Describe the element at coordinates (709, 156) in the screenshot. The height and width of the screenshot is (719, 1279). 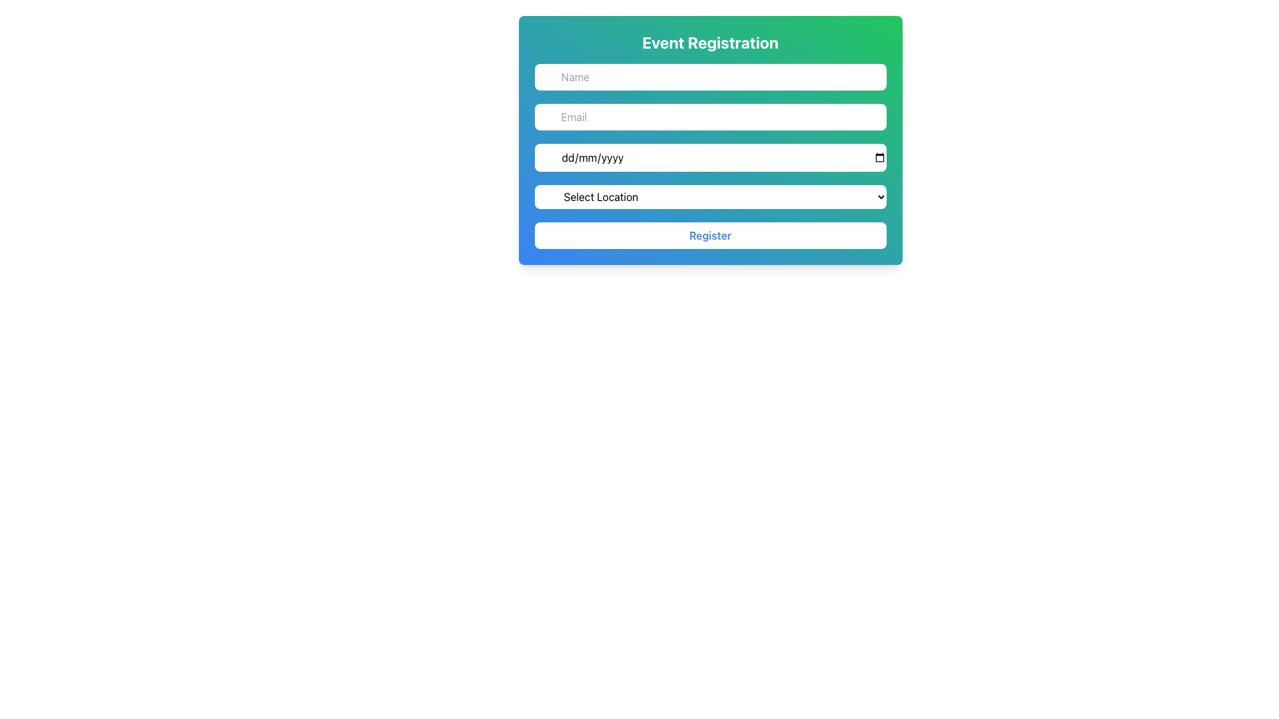
I see `the Date Input Field in the Event Registration card` at that location.